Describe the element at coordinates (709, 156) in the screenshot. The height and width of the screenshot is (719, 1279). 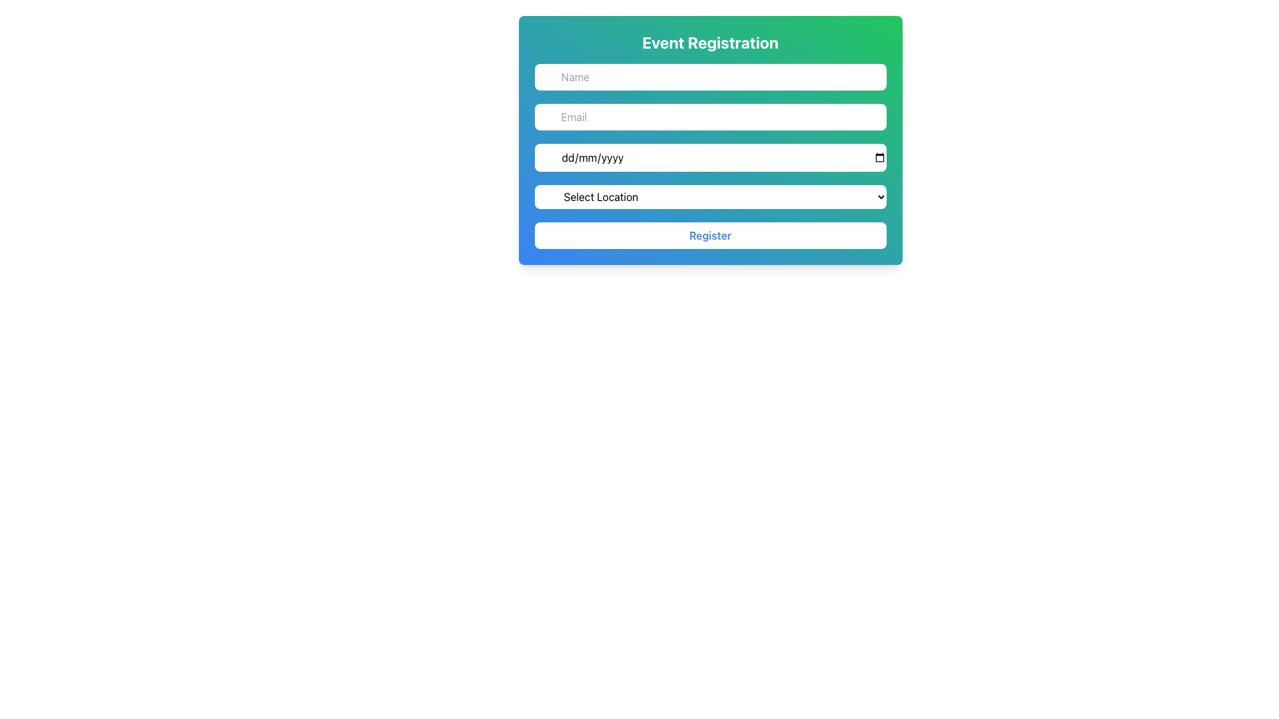
I see `the Date Input Field in the Event Registration card` at that location.